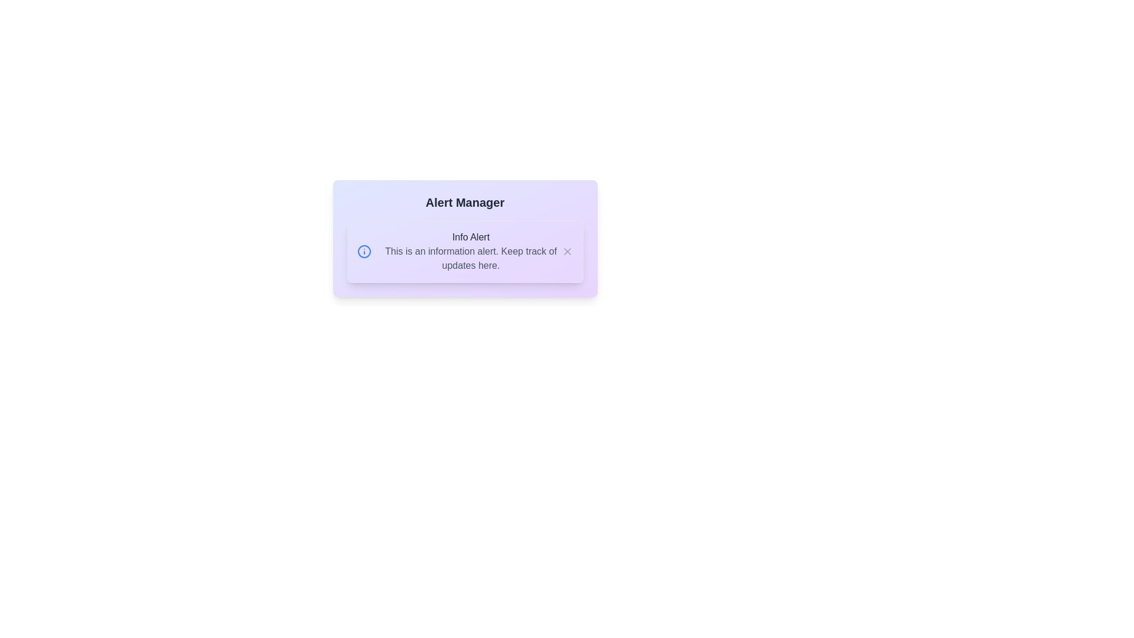  Describe the element at coordinates (470, 258) in the screenshot. I see `the center of the alert text area to focus on it` at that location.